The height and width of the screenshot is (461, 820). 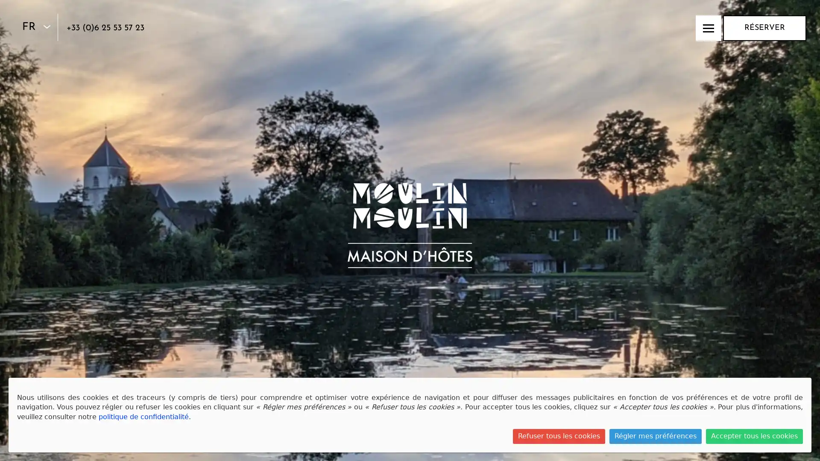 I want to click on Regler mes preferences, so click(x=655, y=436).